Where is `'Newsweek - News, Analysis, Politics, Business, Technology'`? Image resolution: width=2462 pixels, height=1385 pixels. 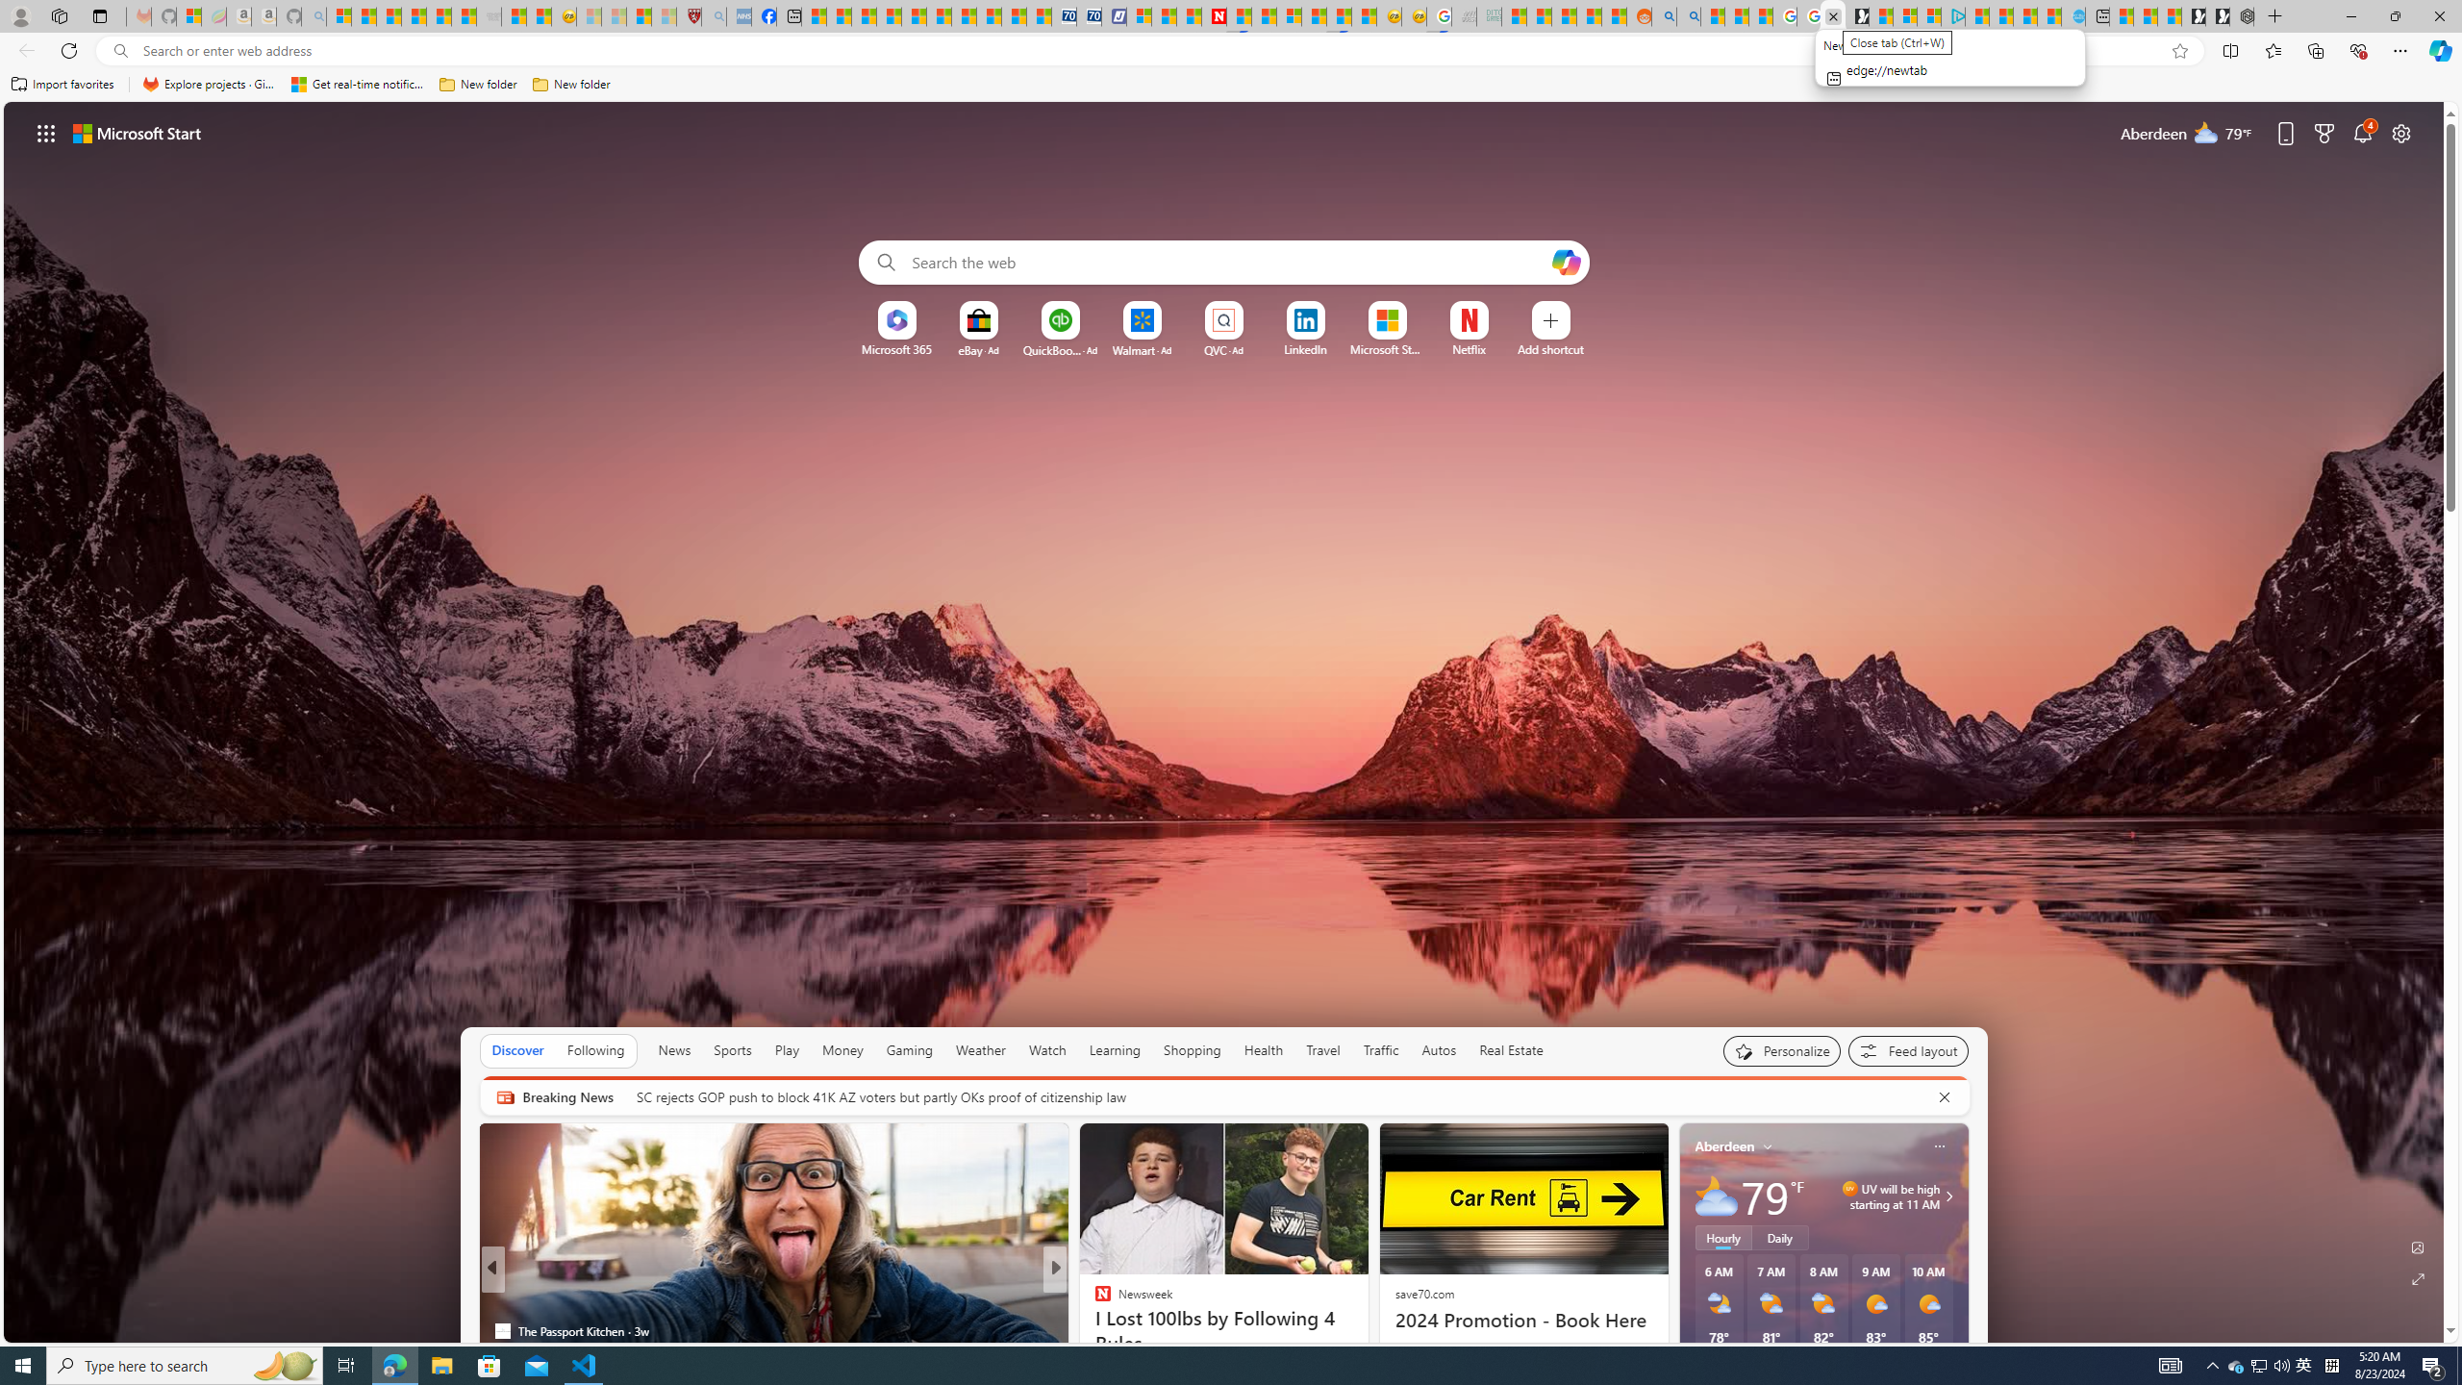
'Newsweek - News, Analysis, Politics, Business, Technology' is located at coordinates (1215, 15).